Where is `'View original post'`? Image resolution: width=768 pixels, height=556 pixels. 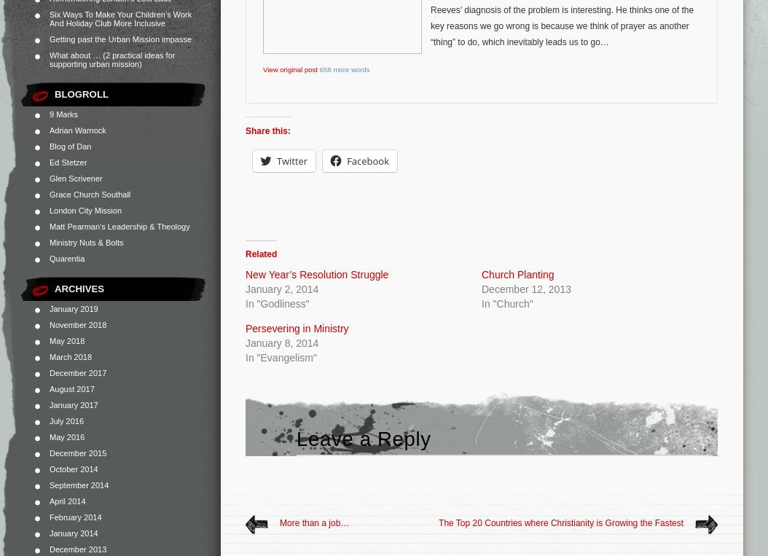 'View original post' is located at coordinates (289, 68).